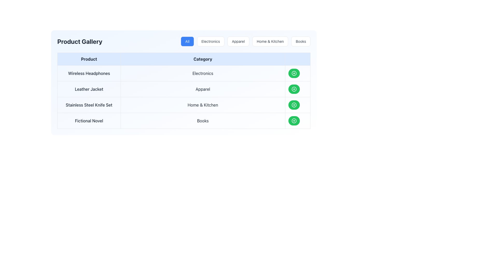 This screenshot has width=498, height=280. Describe the element at coordinates (238, 41) in the screenshot. I see `the 'Apparel' category filter button located in the third position of the navigation bar to filter products by 'Apparel'` at that location.